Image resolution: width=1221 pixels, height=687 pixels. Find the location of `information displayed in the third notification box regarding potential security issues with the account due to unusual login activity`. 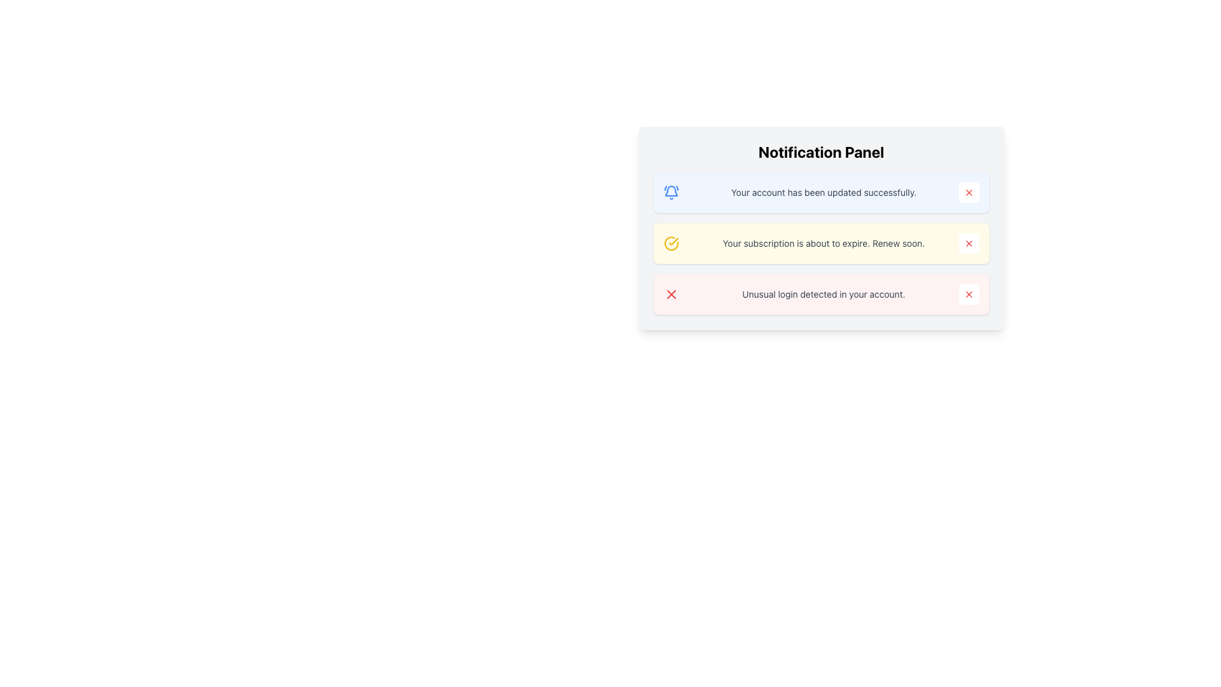

information displayed in the third notification box regarding potential security issues with the account due to unusual login activity is located at coordinates (824, 294).